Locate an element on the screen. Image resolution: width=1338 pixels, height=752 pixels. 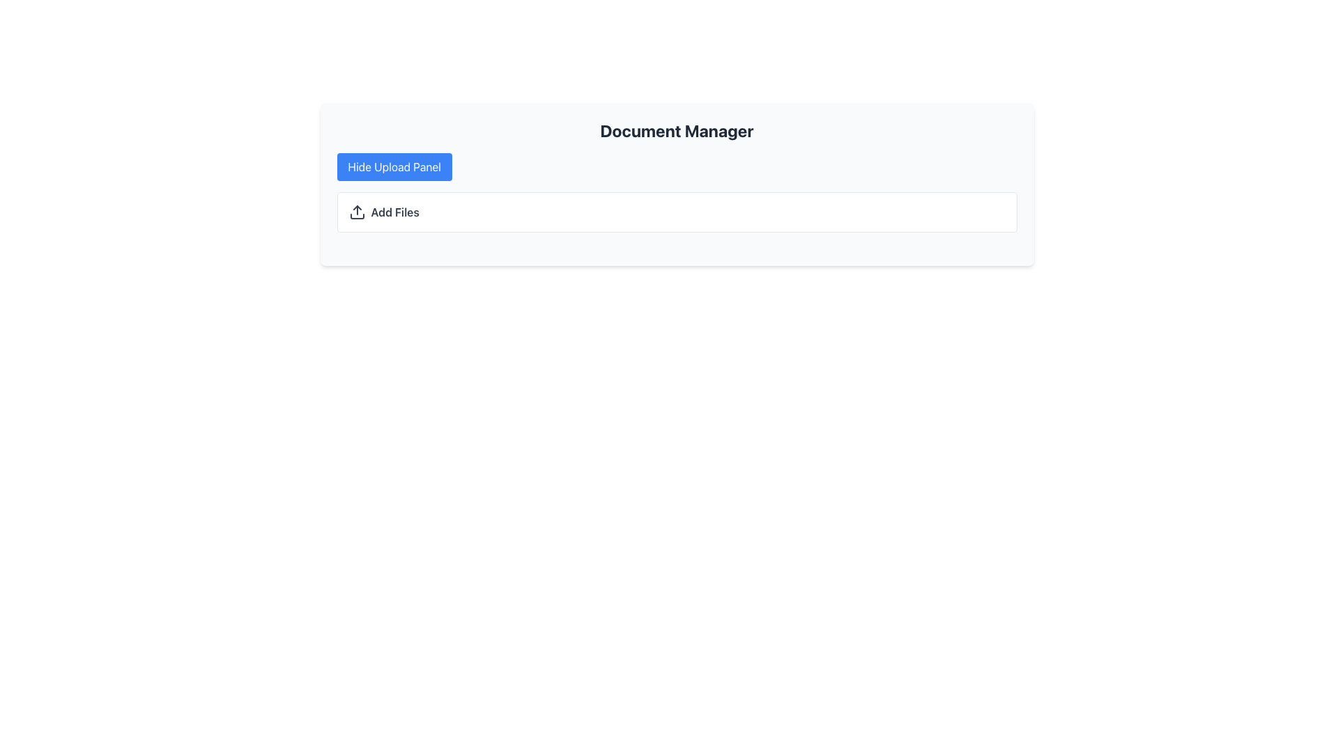
the static text label that reads 'Add Files', which is styled in a bold, dark gray font and located to the right of an upload icon in the lower center of the layout is located at coordinates (394, 212).